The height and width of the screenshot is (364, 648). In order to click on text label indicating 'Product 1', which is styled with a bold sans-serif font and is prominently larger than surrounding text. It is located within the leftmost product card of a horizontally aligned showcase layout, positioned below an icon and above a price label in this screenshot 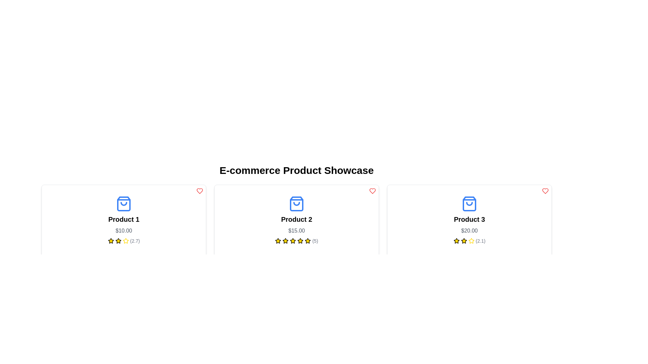, I will do `click(124, 219)`.